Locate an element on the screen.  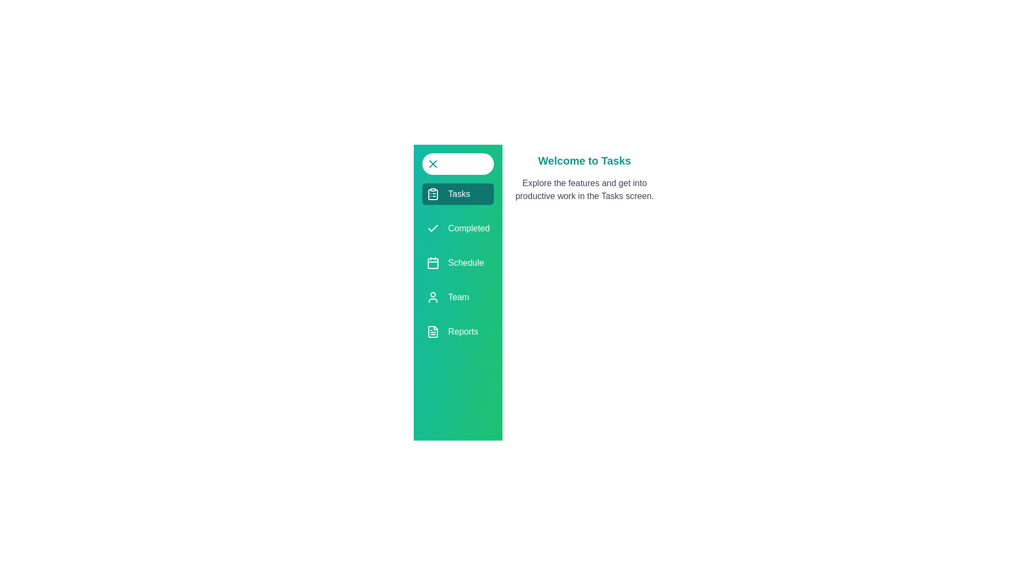
the menu option Tasks in the drawer is located at coordinates (458, 194).